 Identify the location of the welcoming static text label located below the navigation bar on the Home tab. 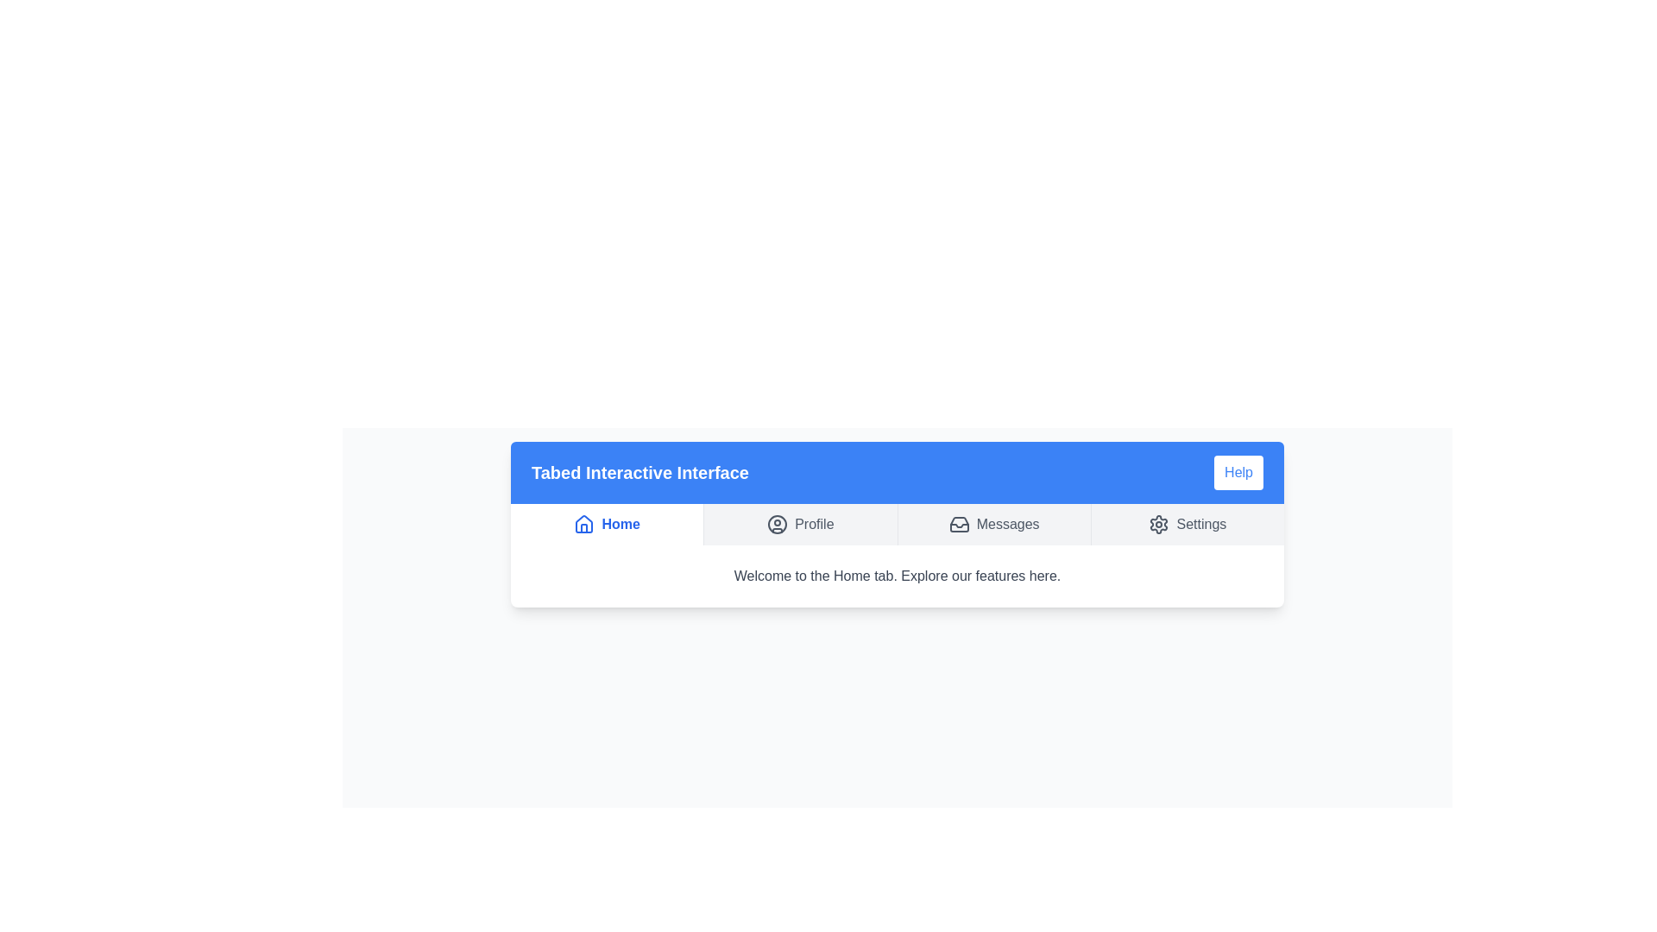
(898, 576).